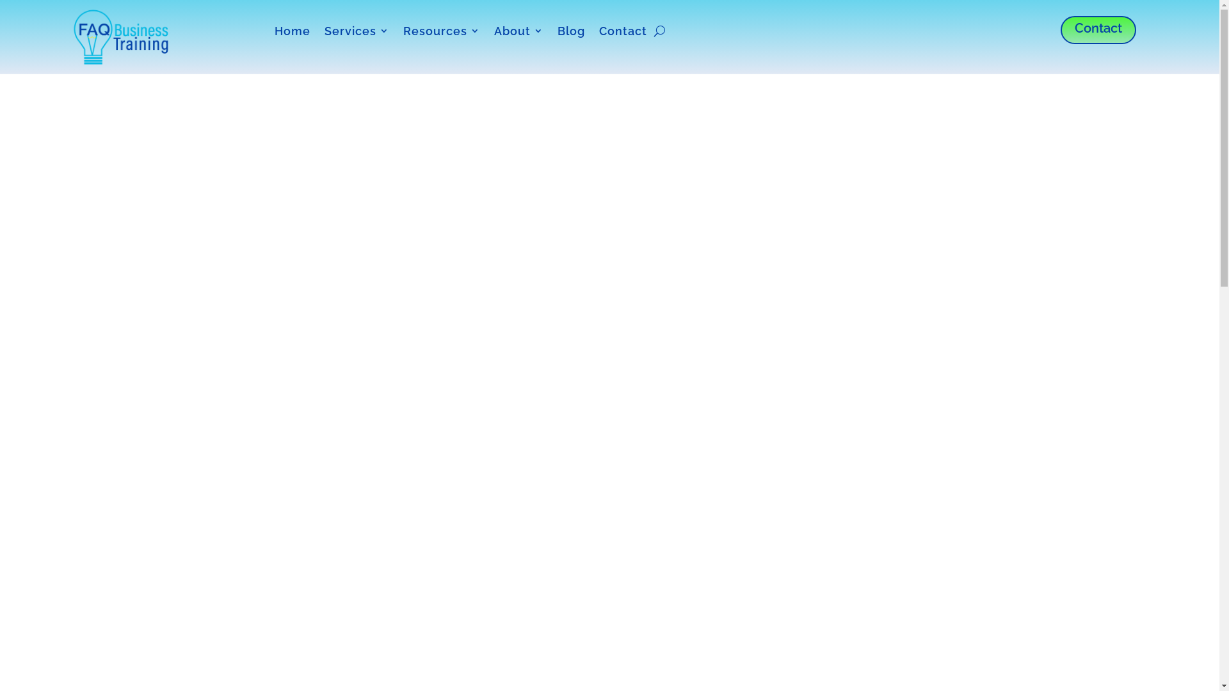 This screenshot has width=1229, height=691. Describe the element at coordinates (623, 33) in the screenshot. I see `'Contact'` at that location.